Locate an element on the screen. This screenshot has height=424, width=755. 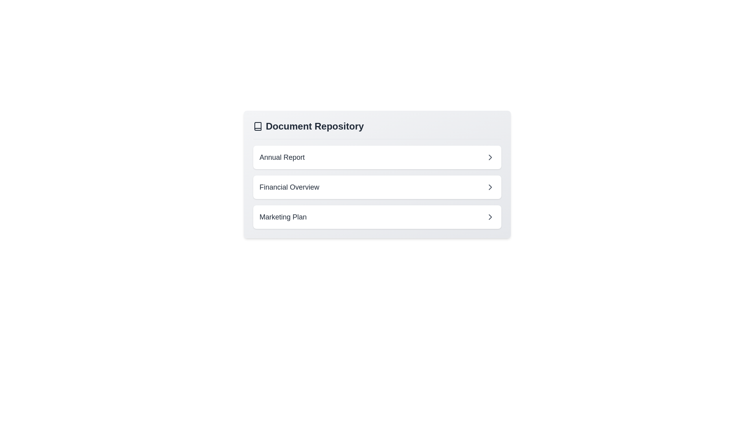
the 'Financial Overview' card component, which is the second card in the 'Document Repository' section is located at coordinates (377, 187).